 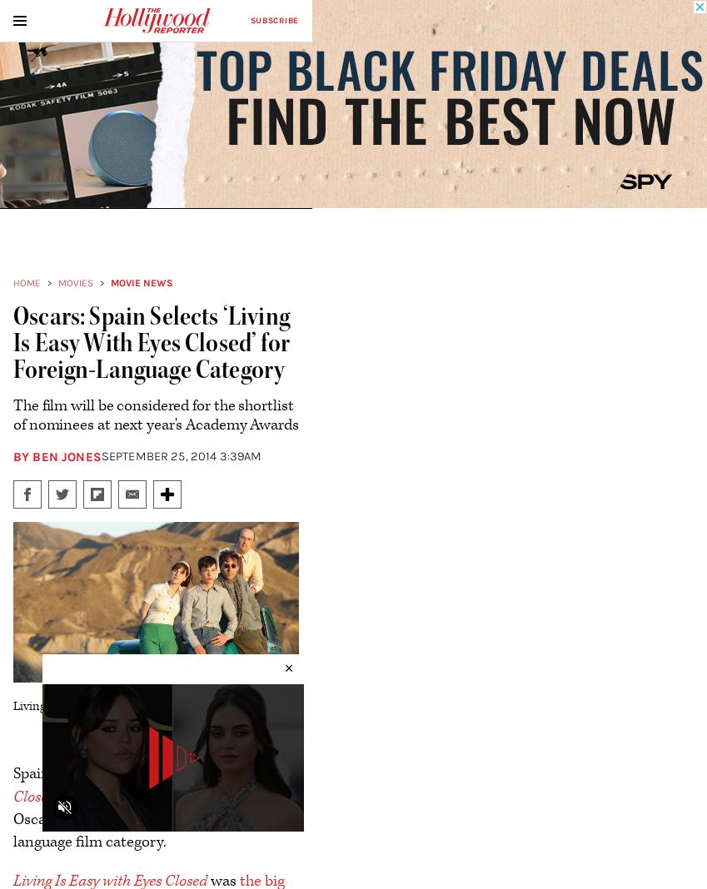 What do you see at coordinates (75, 772) in the screenshot?
I see `'Spain has selected'` at bounding box center [75, 772].